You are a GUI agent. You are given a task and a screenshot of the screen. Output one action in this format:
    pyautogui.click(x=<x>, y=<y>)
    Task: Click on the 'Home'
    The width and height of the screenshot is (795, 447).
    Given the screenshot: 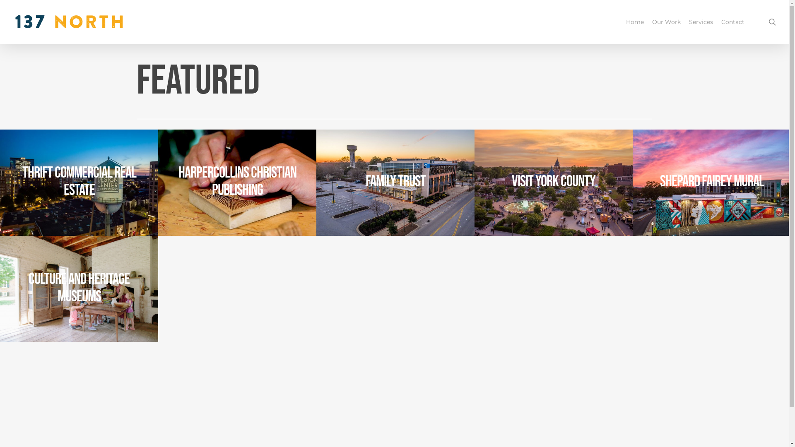 What is the action you would take?
    pyautogui.click(x=634, y=22)
    